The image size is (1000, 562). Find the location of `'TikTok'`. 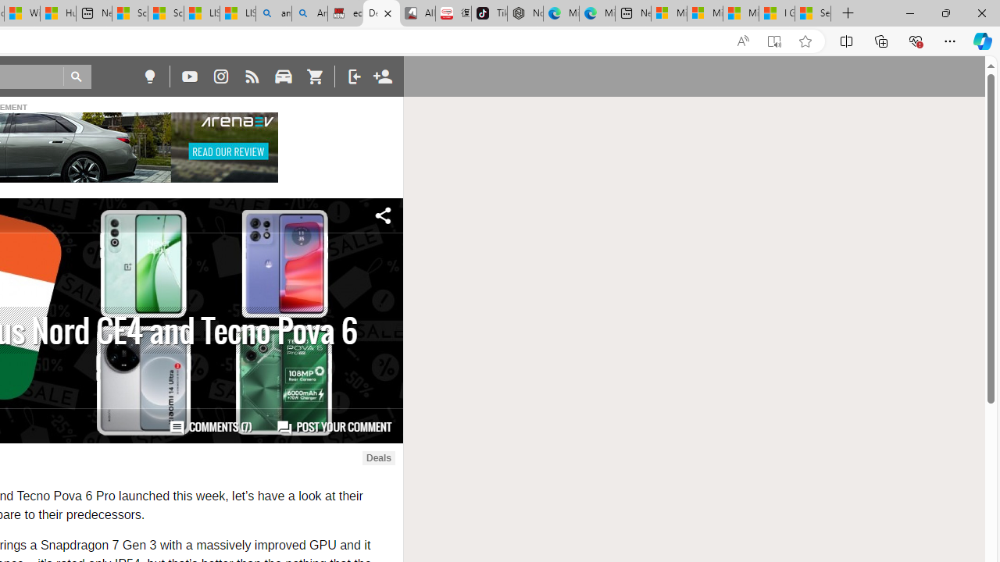

'TikTok' is located at coordinates (488, 13).